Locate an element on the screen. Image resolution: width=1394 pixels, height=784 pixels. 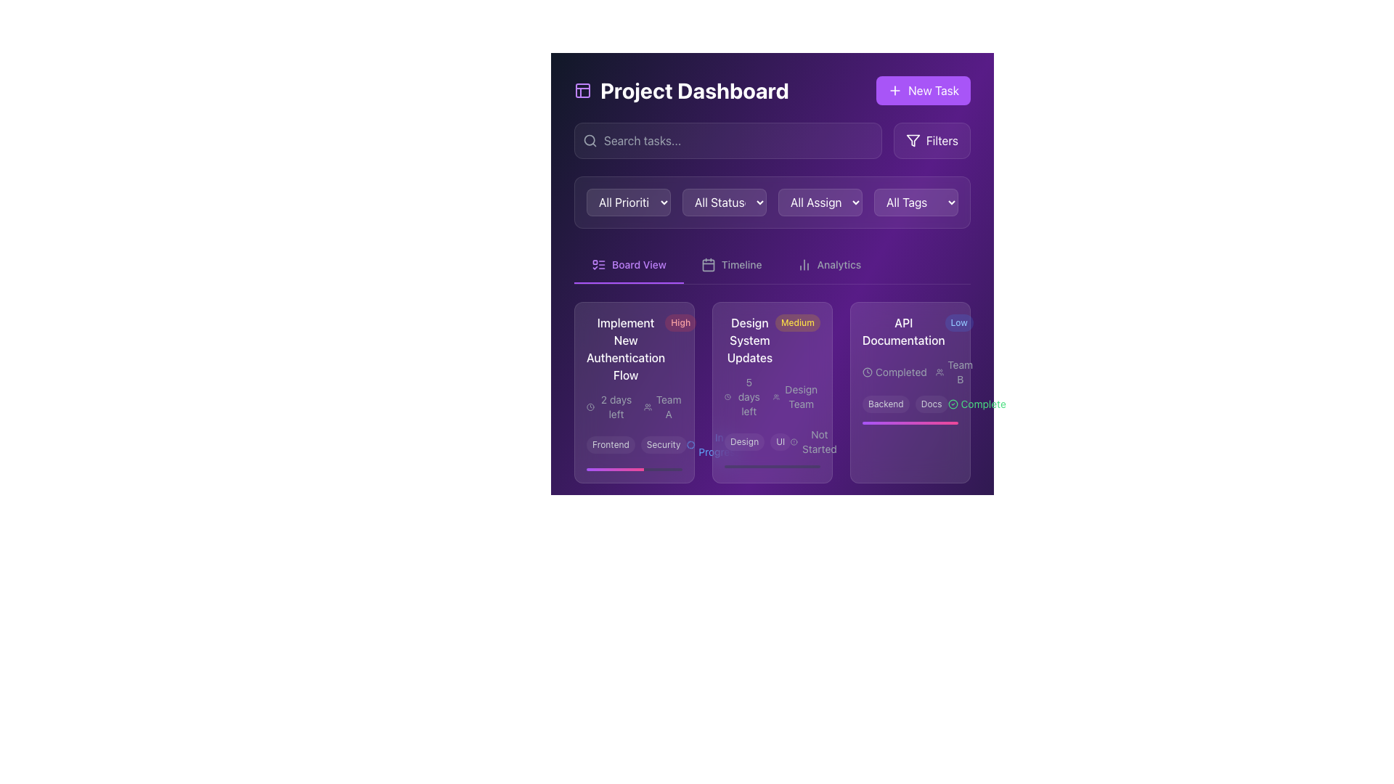
the information display component that shows '2 days left Team A' with icons, located in the middle section of the card titled 'Implement New Authentication Flow' is located at coordinates (634, 407).